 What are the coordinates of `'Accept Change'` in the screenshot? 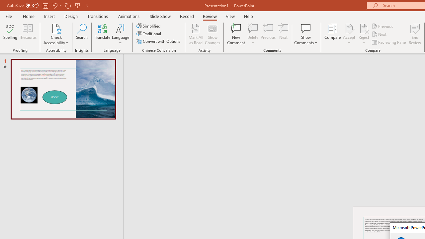 It's located at (349, 28).